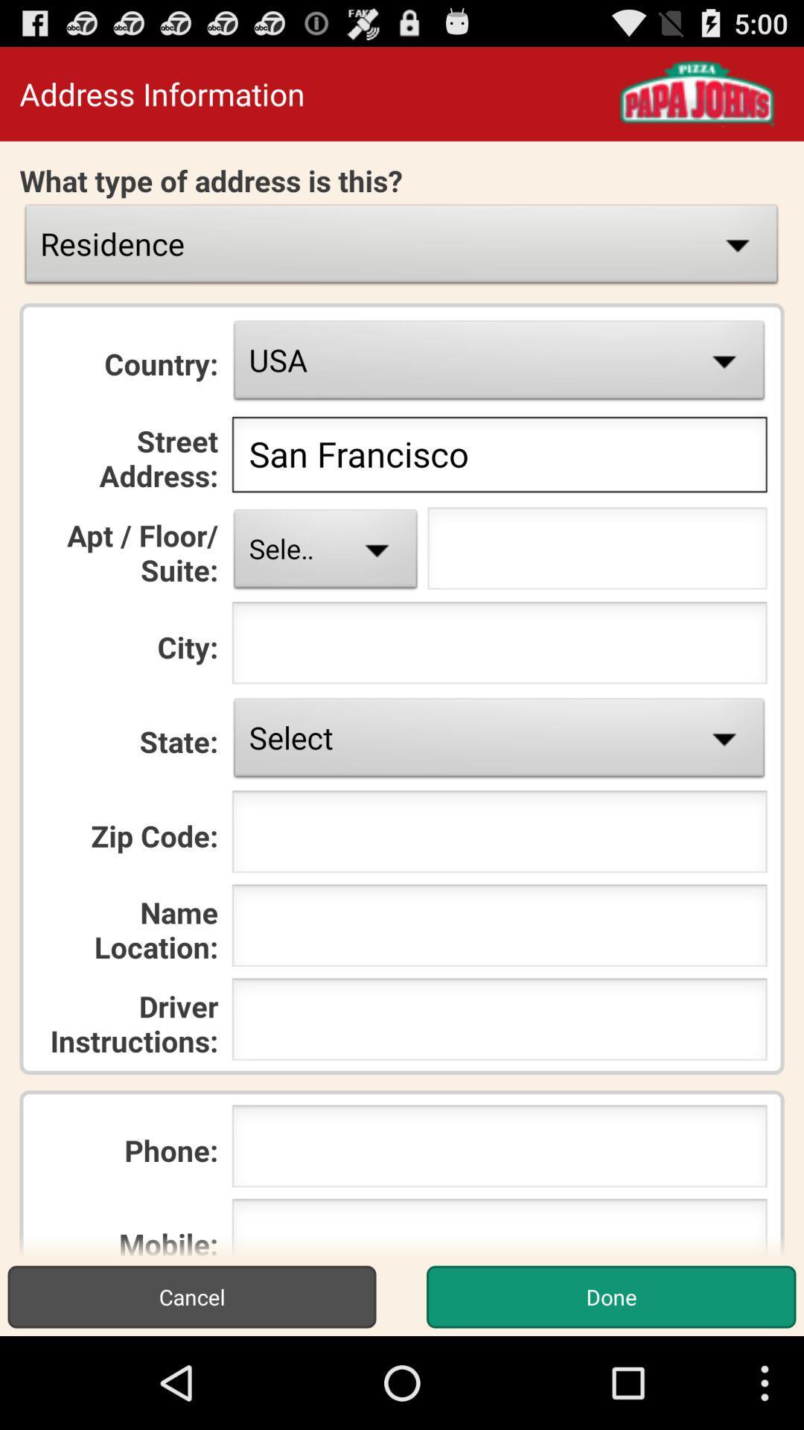  Describe the element at coordinates (500, 1150) in the screenshot. I see `put the phone number` at that location.